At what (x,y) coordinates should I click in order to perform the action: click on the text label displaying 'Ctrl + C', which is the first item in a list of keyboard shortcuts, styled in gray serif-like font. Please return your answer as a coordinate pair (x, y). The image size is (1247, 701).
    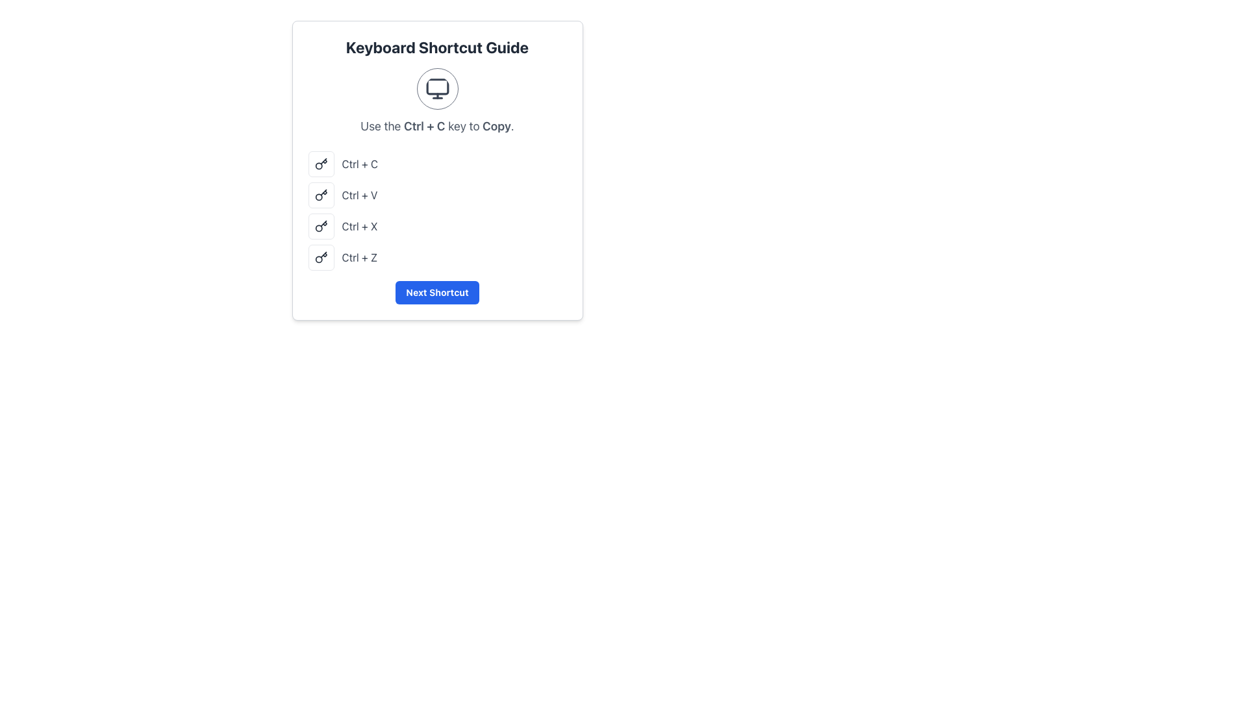
    Looking at the image, I should click on (360, 164).